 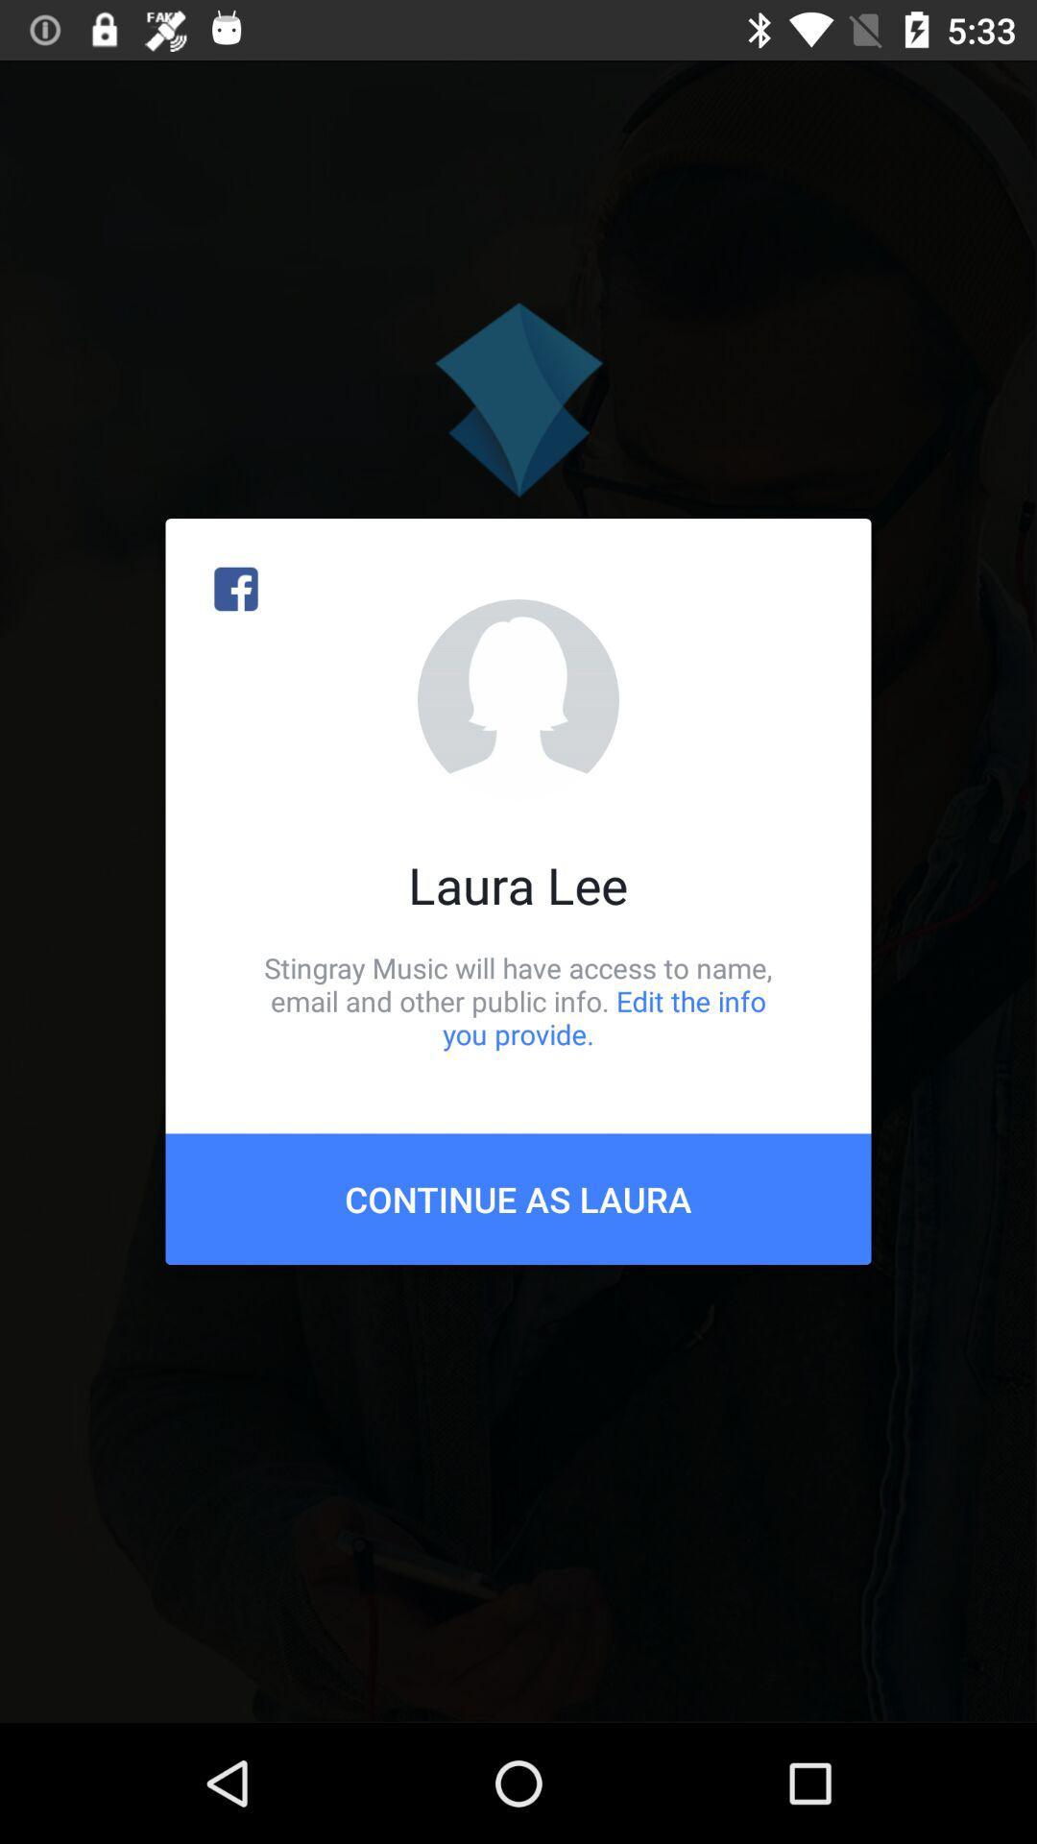 What do you see at coordinates (518, 1000) in the screenshot?
I see `the stingray music will` at bounding box center [518, 1000].